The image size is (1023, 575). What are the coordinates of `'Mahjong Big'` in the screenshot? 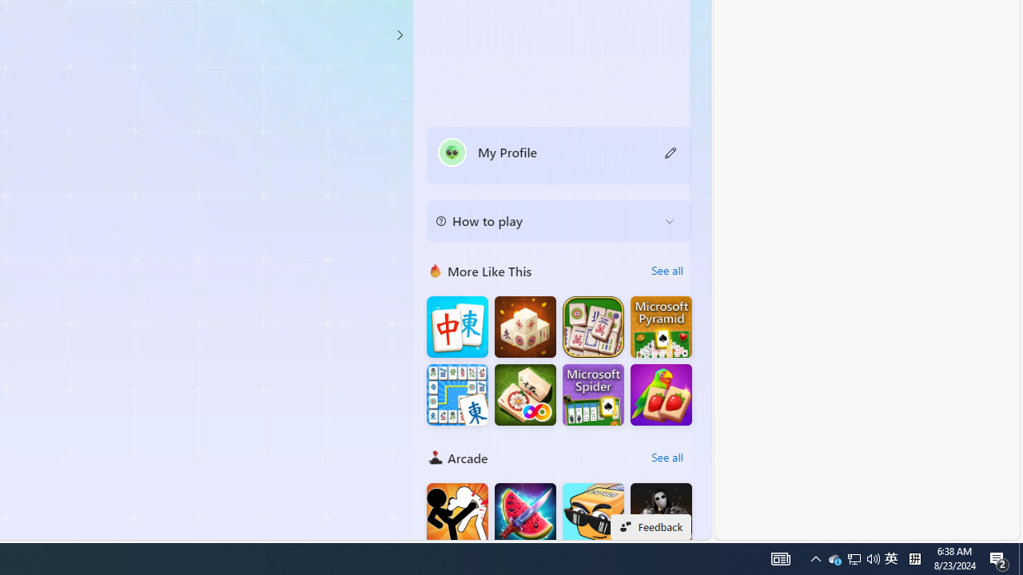 It's located at (456, 326).